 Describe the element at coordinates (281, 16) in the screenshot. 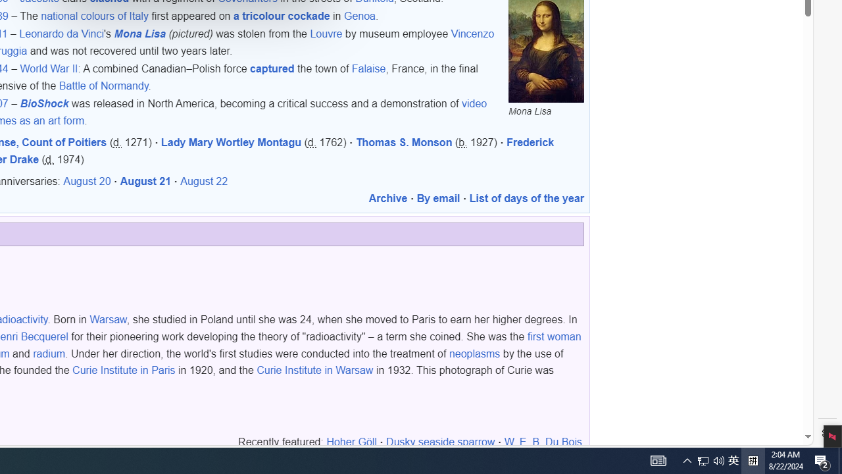

I see `'a tricolour cockade'` at that location.